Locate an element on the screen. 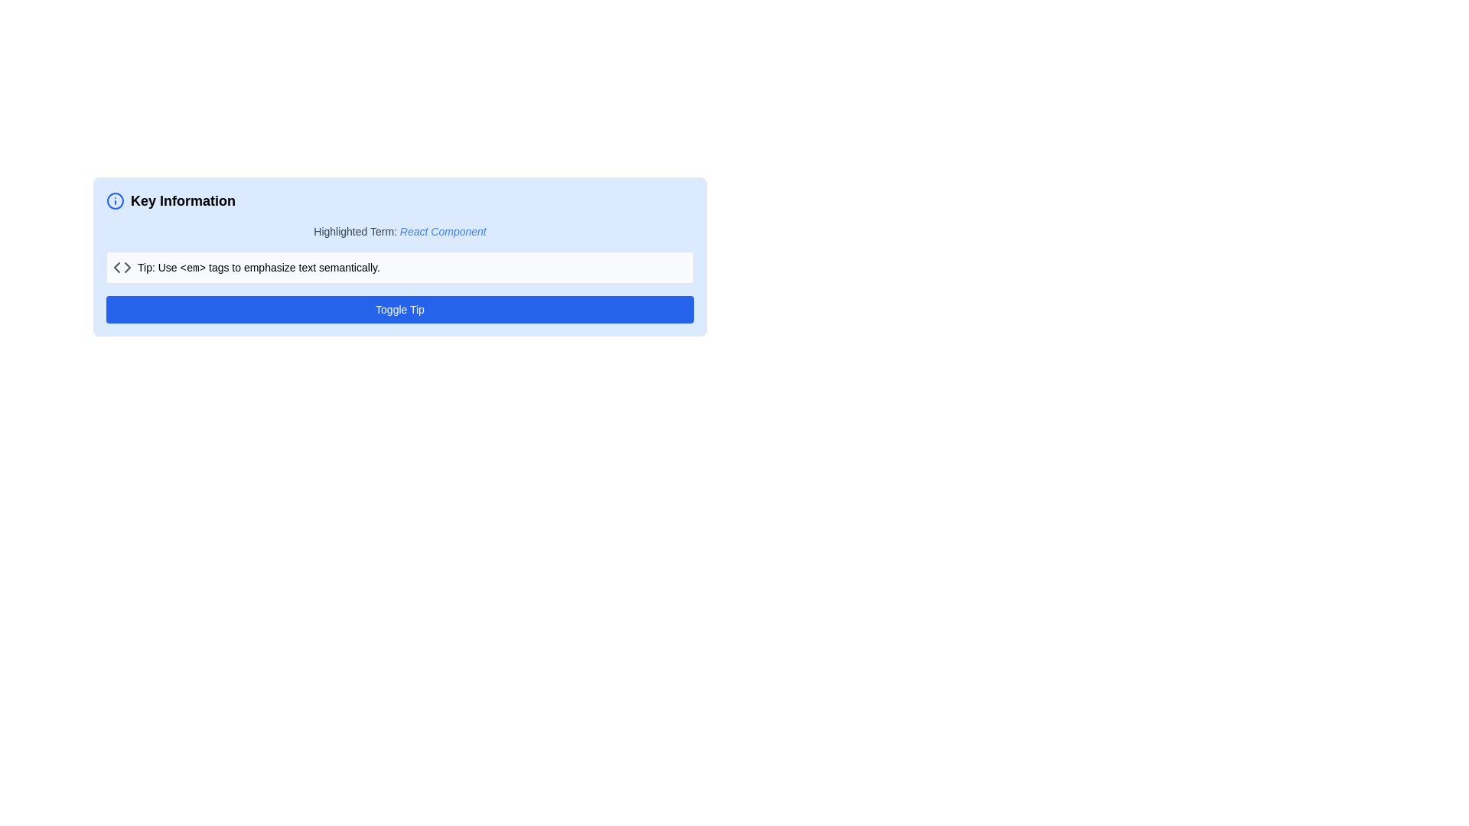  highlighted text snippet that is styled in blue color and reads 'React Component', located on a light blue background panel is located at coordinates (442, 232).